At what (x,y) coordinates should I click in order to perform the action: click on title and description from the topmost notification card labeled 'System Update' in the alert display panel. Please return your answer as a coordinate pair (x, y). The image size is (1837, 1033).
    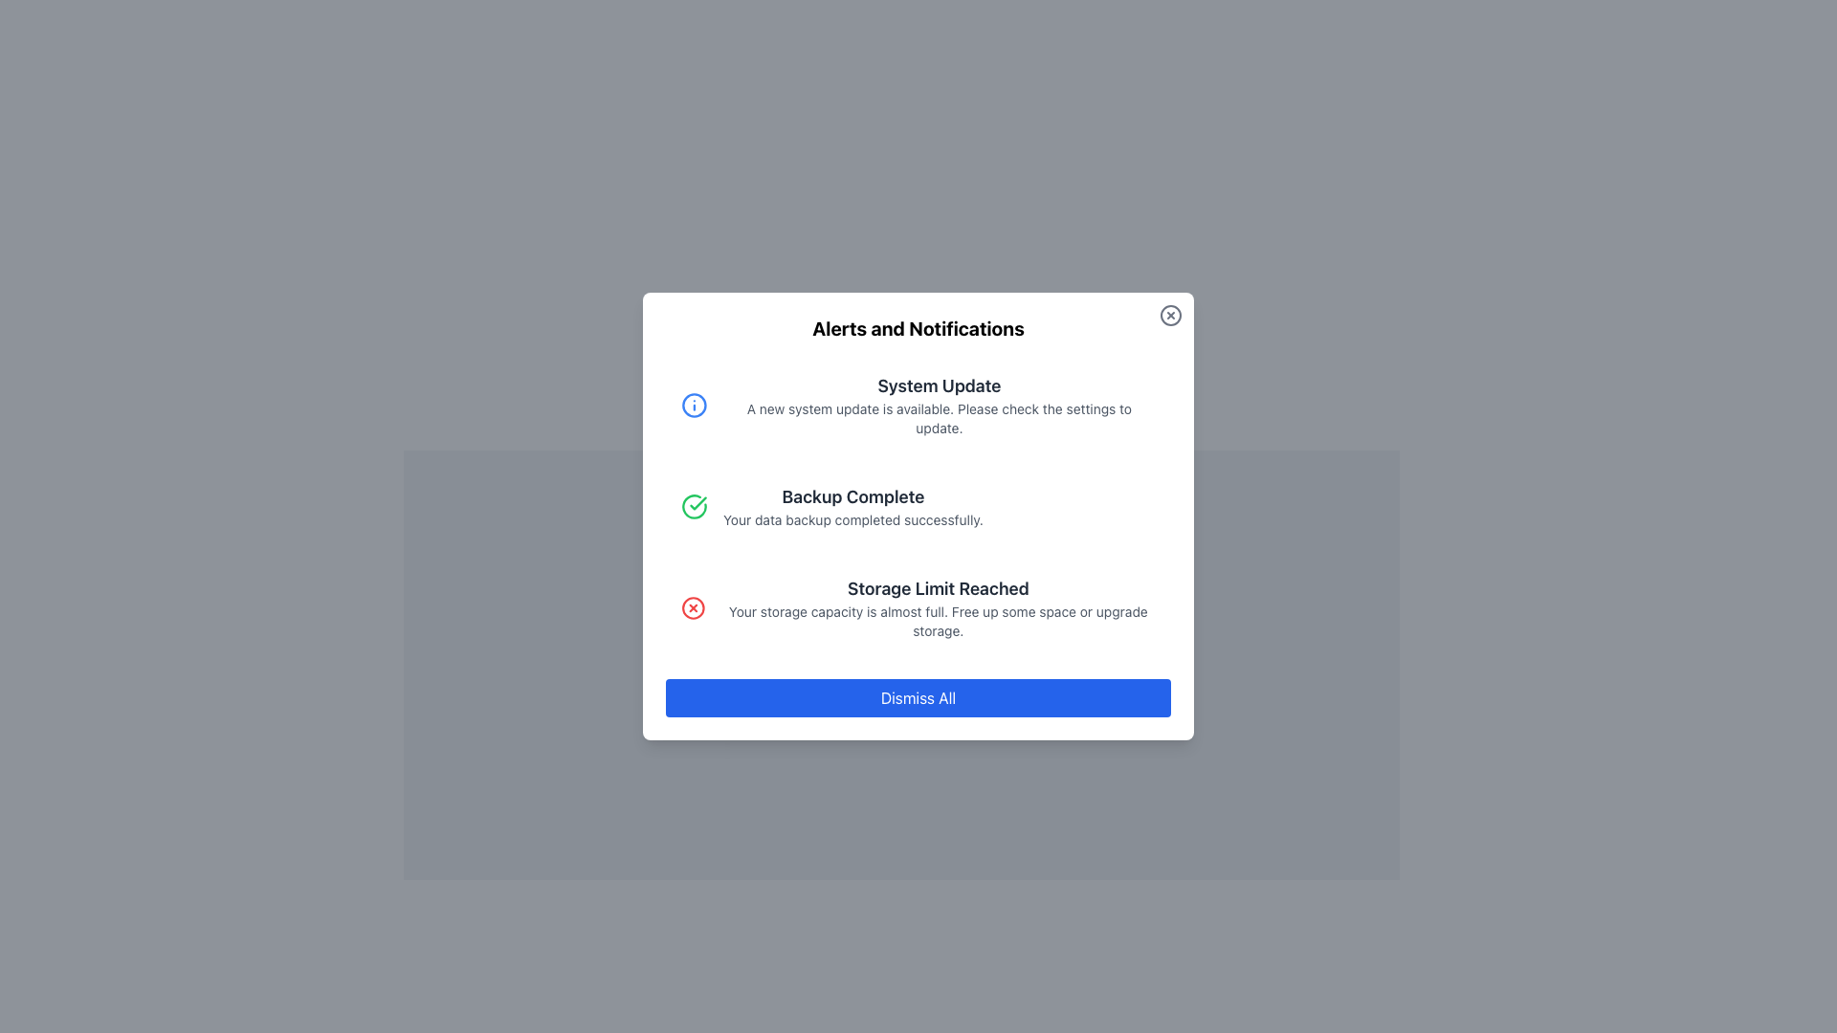
    Looking at the image, I should click on (918, 405).